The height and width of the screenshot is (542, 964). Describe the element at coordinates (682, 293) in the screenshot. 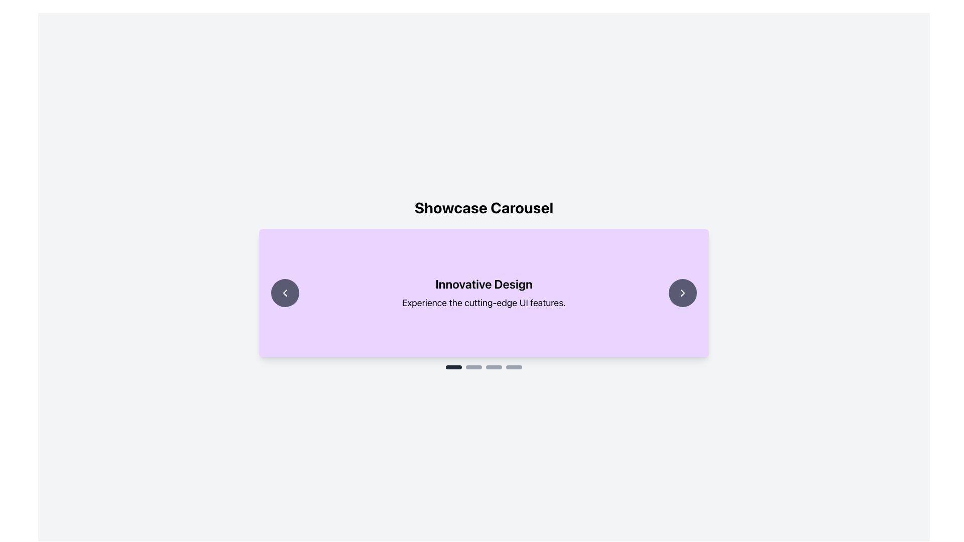

I see `the right-pointing arrow icon button with a circular dark gray background located on the right side of the carousel interface` at that location.